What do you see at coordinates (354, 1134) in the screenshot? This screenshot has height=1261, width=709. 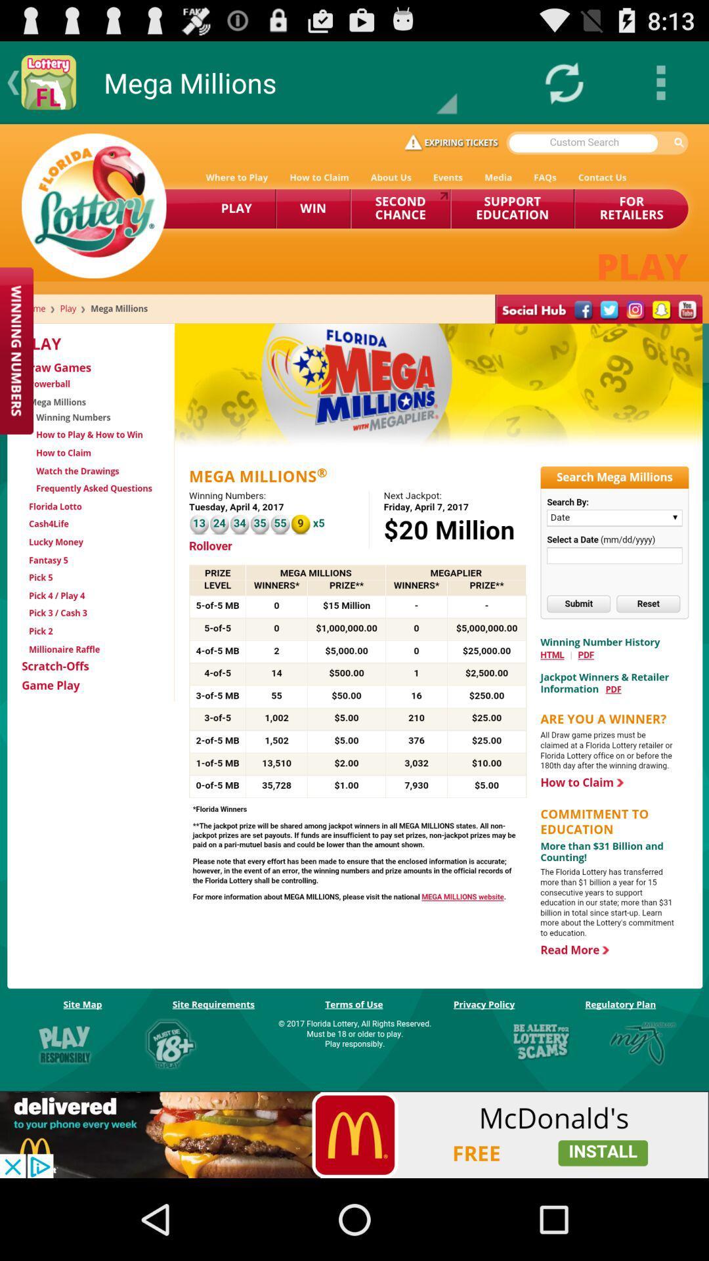 I see `open advertisement` at bounding box center [354, 1134].